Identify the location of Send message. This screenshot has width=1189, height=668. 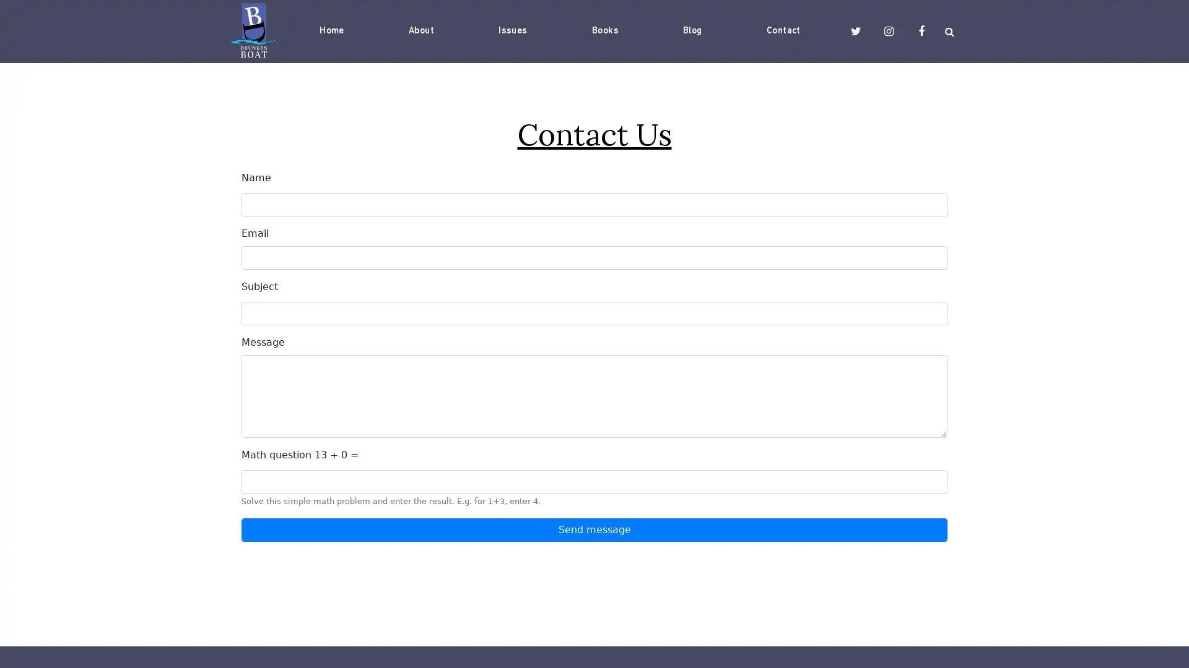
(594, 529).